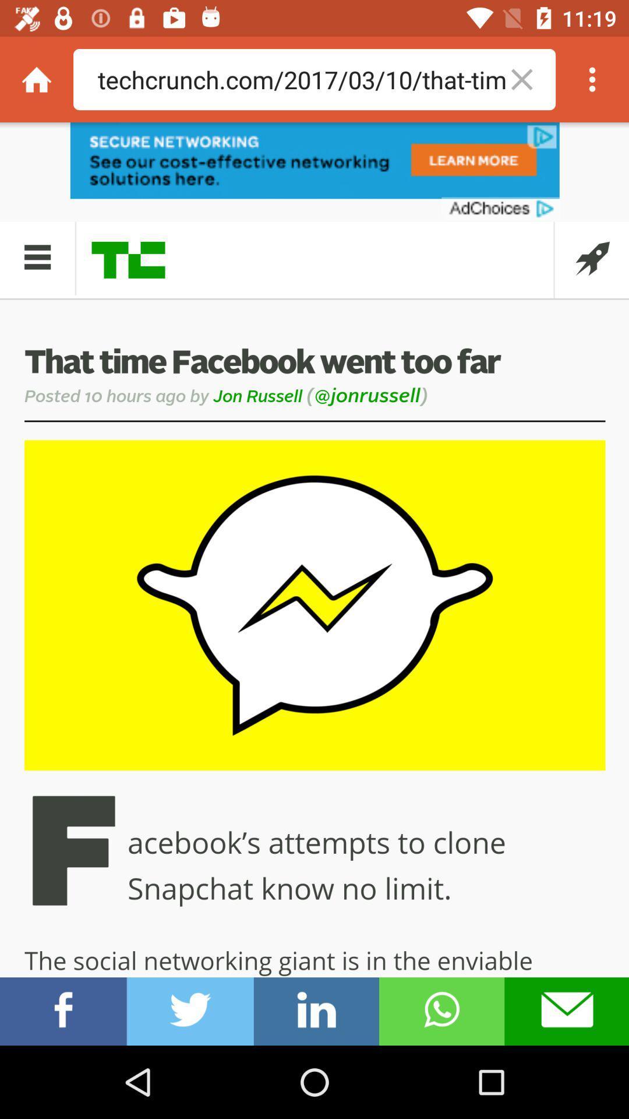 The height and width of the screenshot is (1119, 629). Describe the element at coordinates (36, 79) in the screenshot. I see `home` at that location.